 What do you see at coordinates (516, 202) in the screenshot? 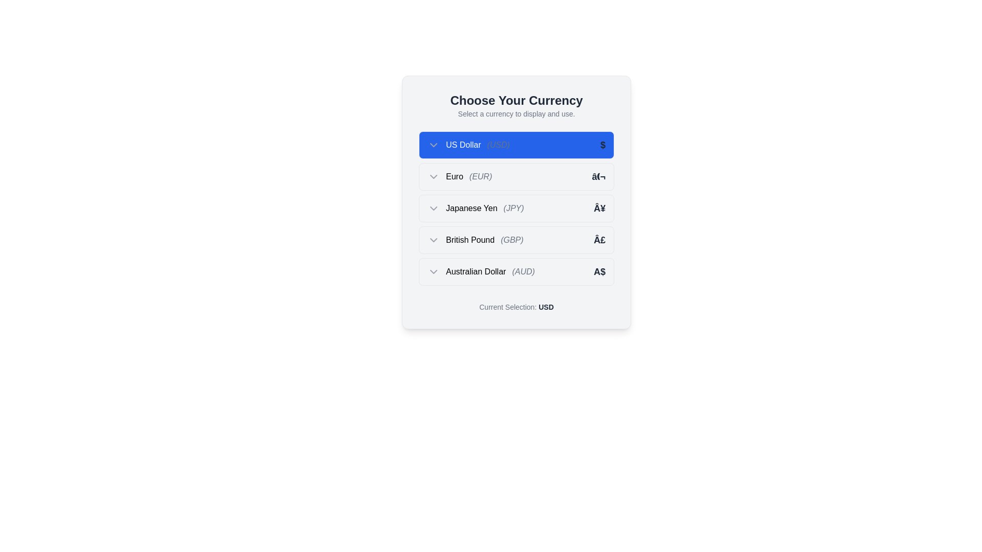
I see `the selectable currency option for 'Japanese Yen (JPY) ¥' in the dropdown list` at bounding box center [516, 202].